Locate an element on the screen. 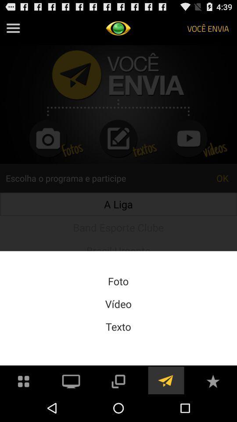 Image resolution: width=237 pixels, height=422 pixels. the symbol at bottom right which is left to monitor symbol is located at coordinates (24, 380).